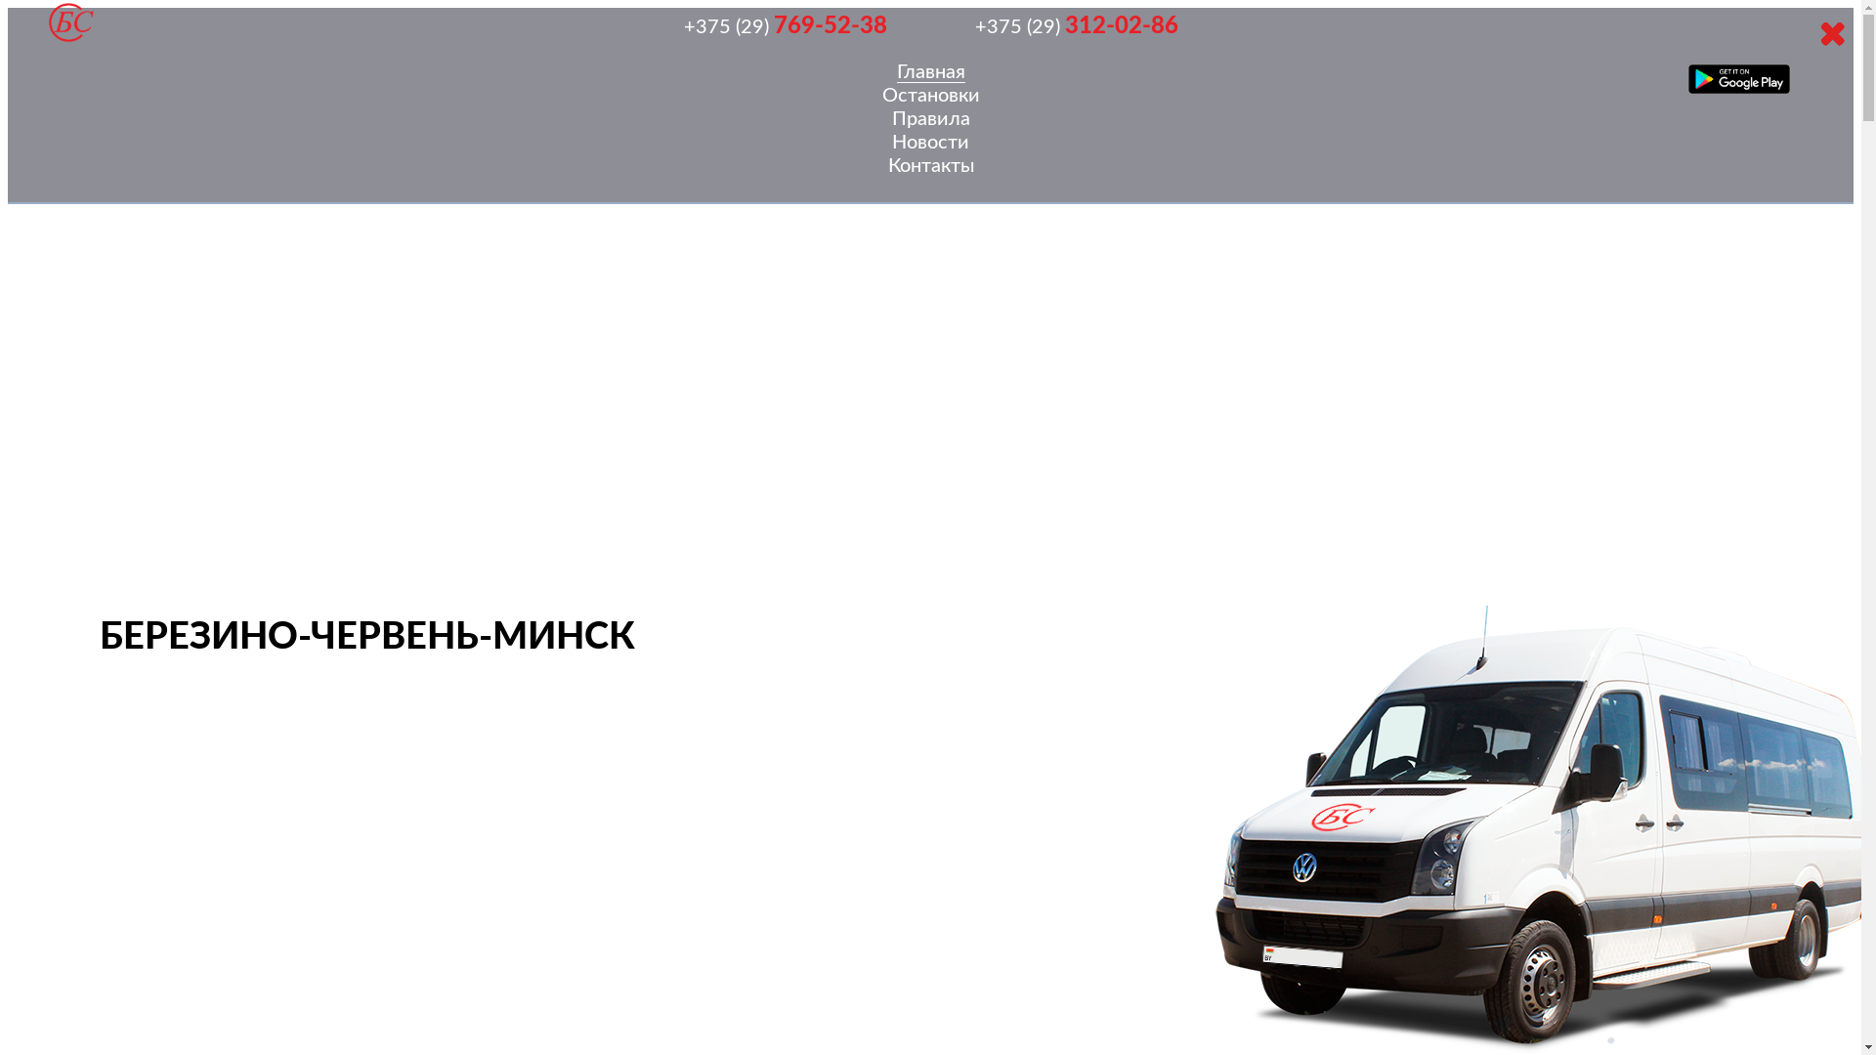  Describe the element at coordinates (784, 26) in the screenshot. I see `'+375 (29) 769-52-38'` at that location.